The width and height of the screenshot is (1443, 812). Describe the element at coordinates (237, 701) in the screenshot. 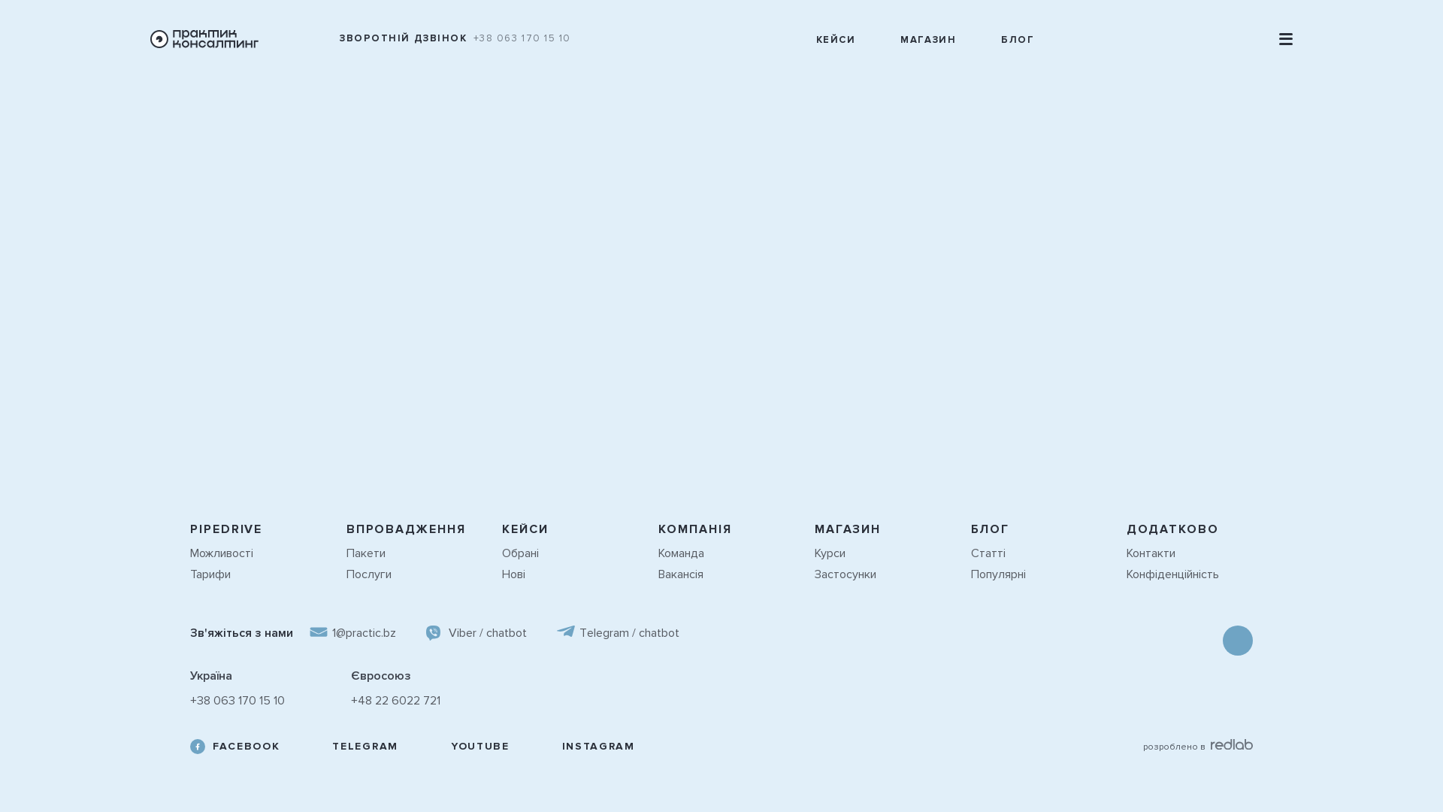

I see `'+38 063 170 15 10'` at that location.